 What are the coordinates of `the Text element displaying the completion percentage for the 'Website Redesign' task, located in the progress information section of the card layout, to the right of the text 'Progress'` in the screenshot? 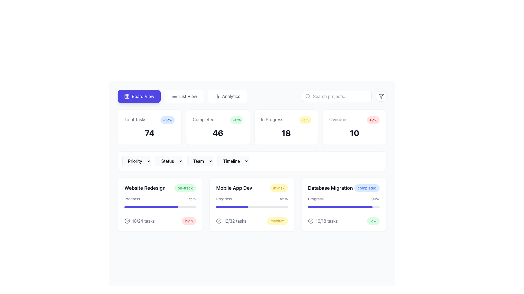 It's located at (192, 199).